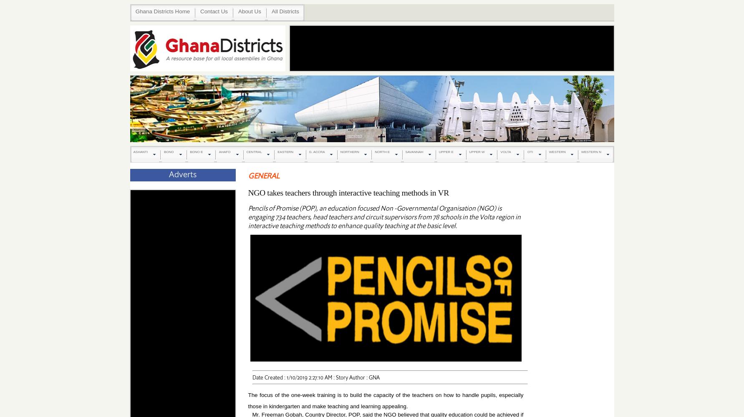 This screenshot has height=417, width=744. What do you see at coordinates (285, 11) in the screenshot?
I see `'All Districts'` at bounding box center [285, 11].